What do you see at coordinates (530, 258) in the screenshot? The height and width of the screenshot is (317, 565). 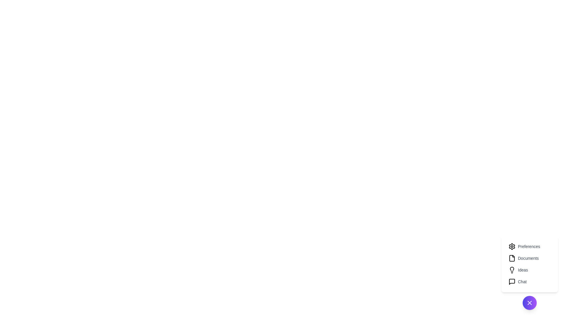 I see `the menu item labeled Documents to trigger its associated action` at bounding box center [530, 258].